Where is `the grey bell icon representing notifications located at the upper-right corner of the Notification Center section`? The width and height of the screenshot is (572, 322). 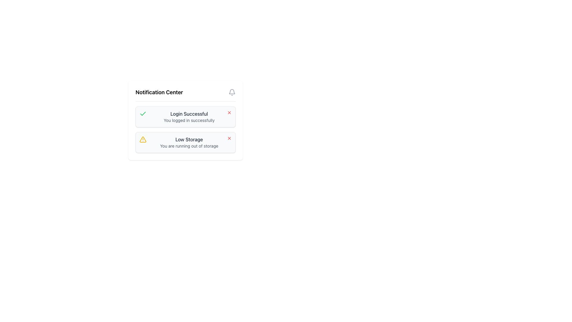
the grey bell icon representing notifications located at the upper-right corner of the Notification Center section is located at coordinates (231, 92).